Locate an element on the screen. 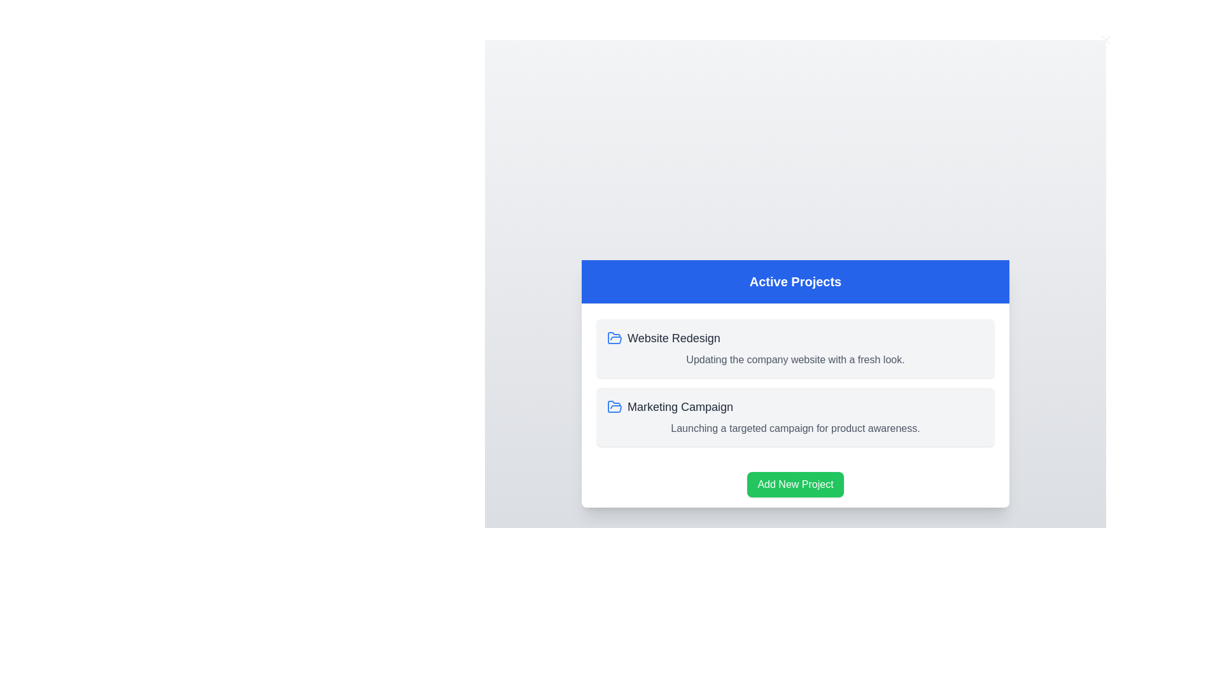 This screenshot has width=1222, height=687. the project icon for Website Redesign is located at coordinates (614, 337).